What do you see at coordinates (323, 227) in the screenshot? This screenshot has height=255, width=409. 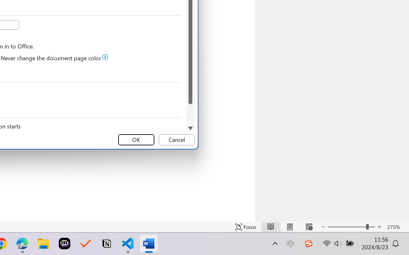 I see `'Decrease Text Size'` at bounding box center [323, 227].